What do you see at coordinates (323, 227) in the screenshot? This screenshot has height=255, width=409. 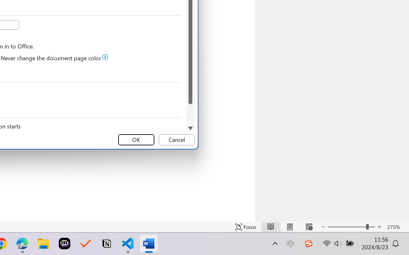 I see `'Decrease Text Size'` at bounding box center [323, 227].